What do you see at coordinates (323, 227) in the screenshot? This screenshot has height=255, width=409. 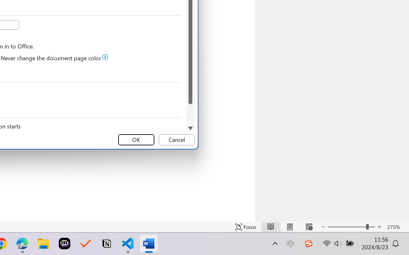 I see `'Decrease Text Size'` at bounding box center [323, 227].